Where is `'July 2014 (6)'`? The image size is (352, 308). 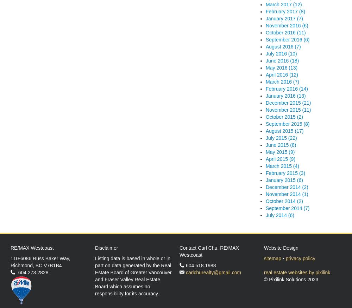 'July 2014 (6)' is located at coordinates (266, 215).